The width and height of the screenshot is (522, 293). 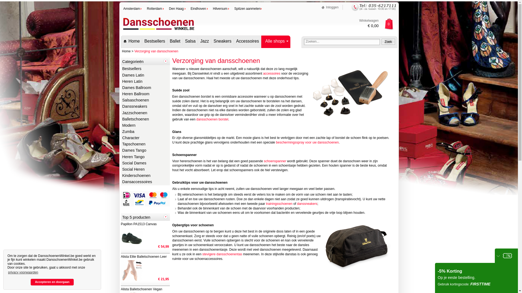 I want to click on 'Zoek', so click(x=388, y=42).